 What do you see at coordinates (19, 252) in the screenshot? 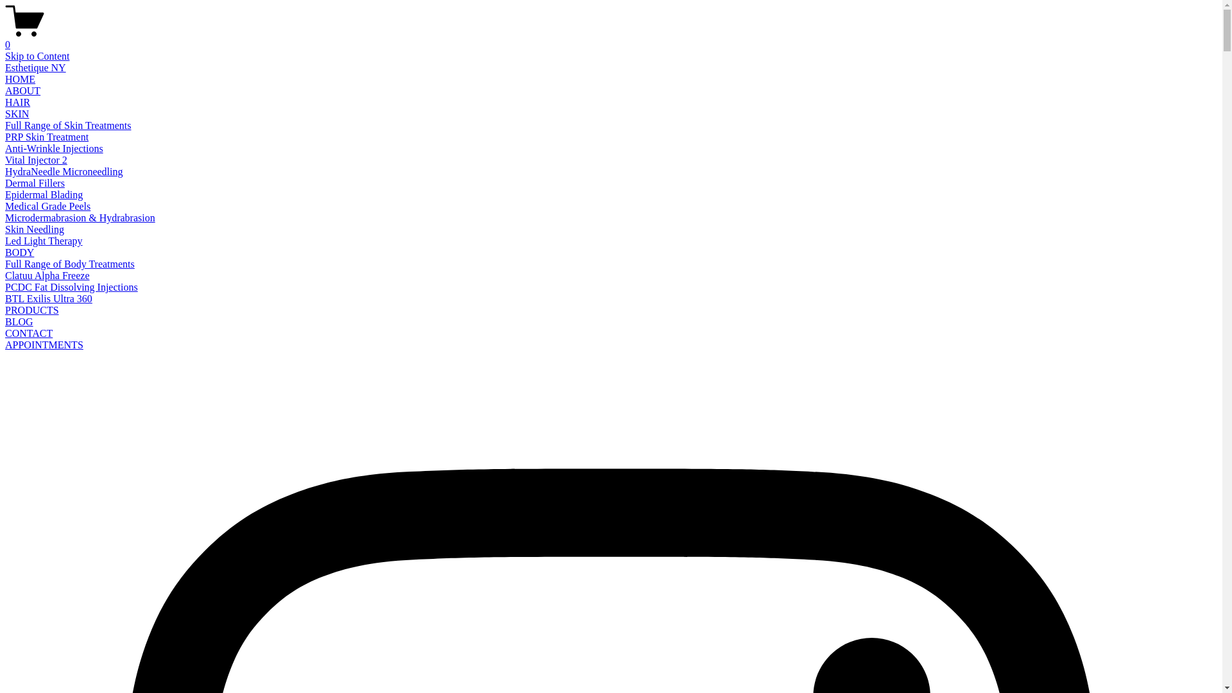
I see `'BODY'` at bounding box center [19, 252].